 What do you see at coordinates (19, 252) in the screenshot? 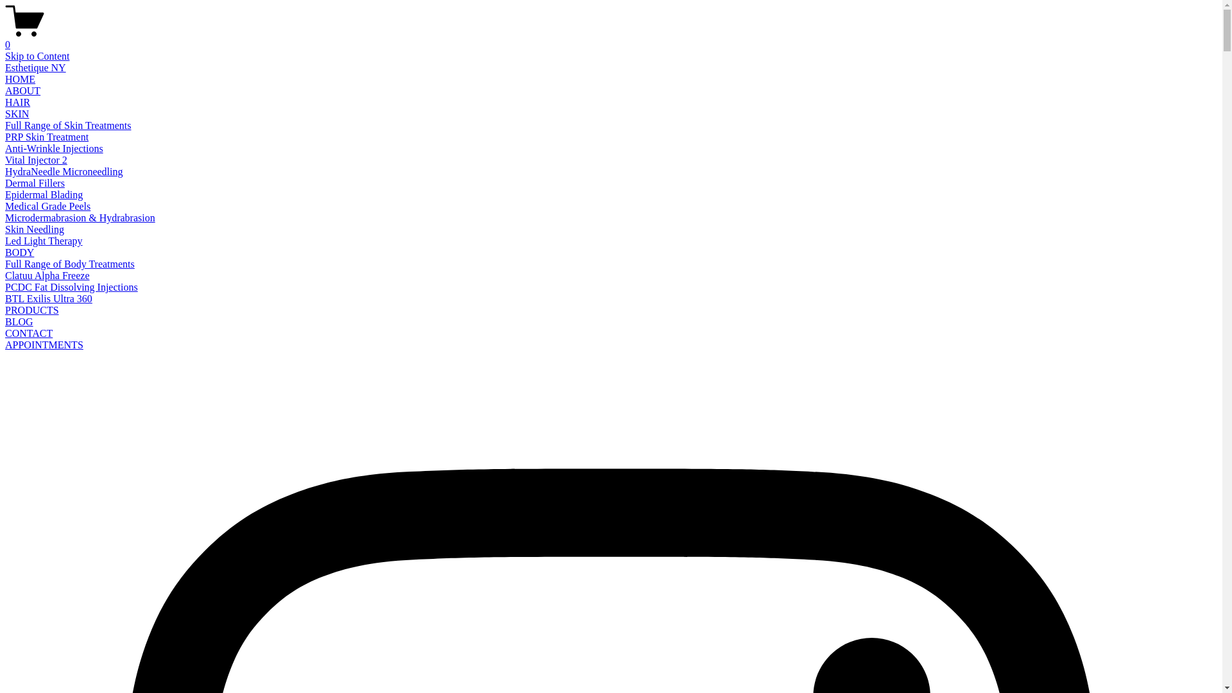
I see `'BODY'` at bounding box center [19, 252].